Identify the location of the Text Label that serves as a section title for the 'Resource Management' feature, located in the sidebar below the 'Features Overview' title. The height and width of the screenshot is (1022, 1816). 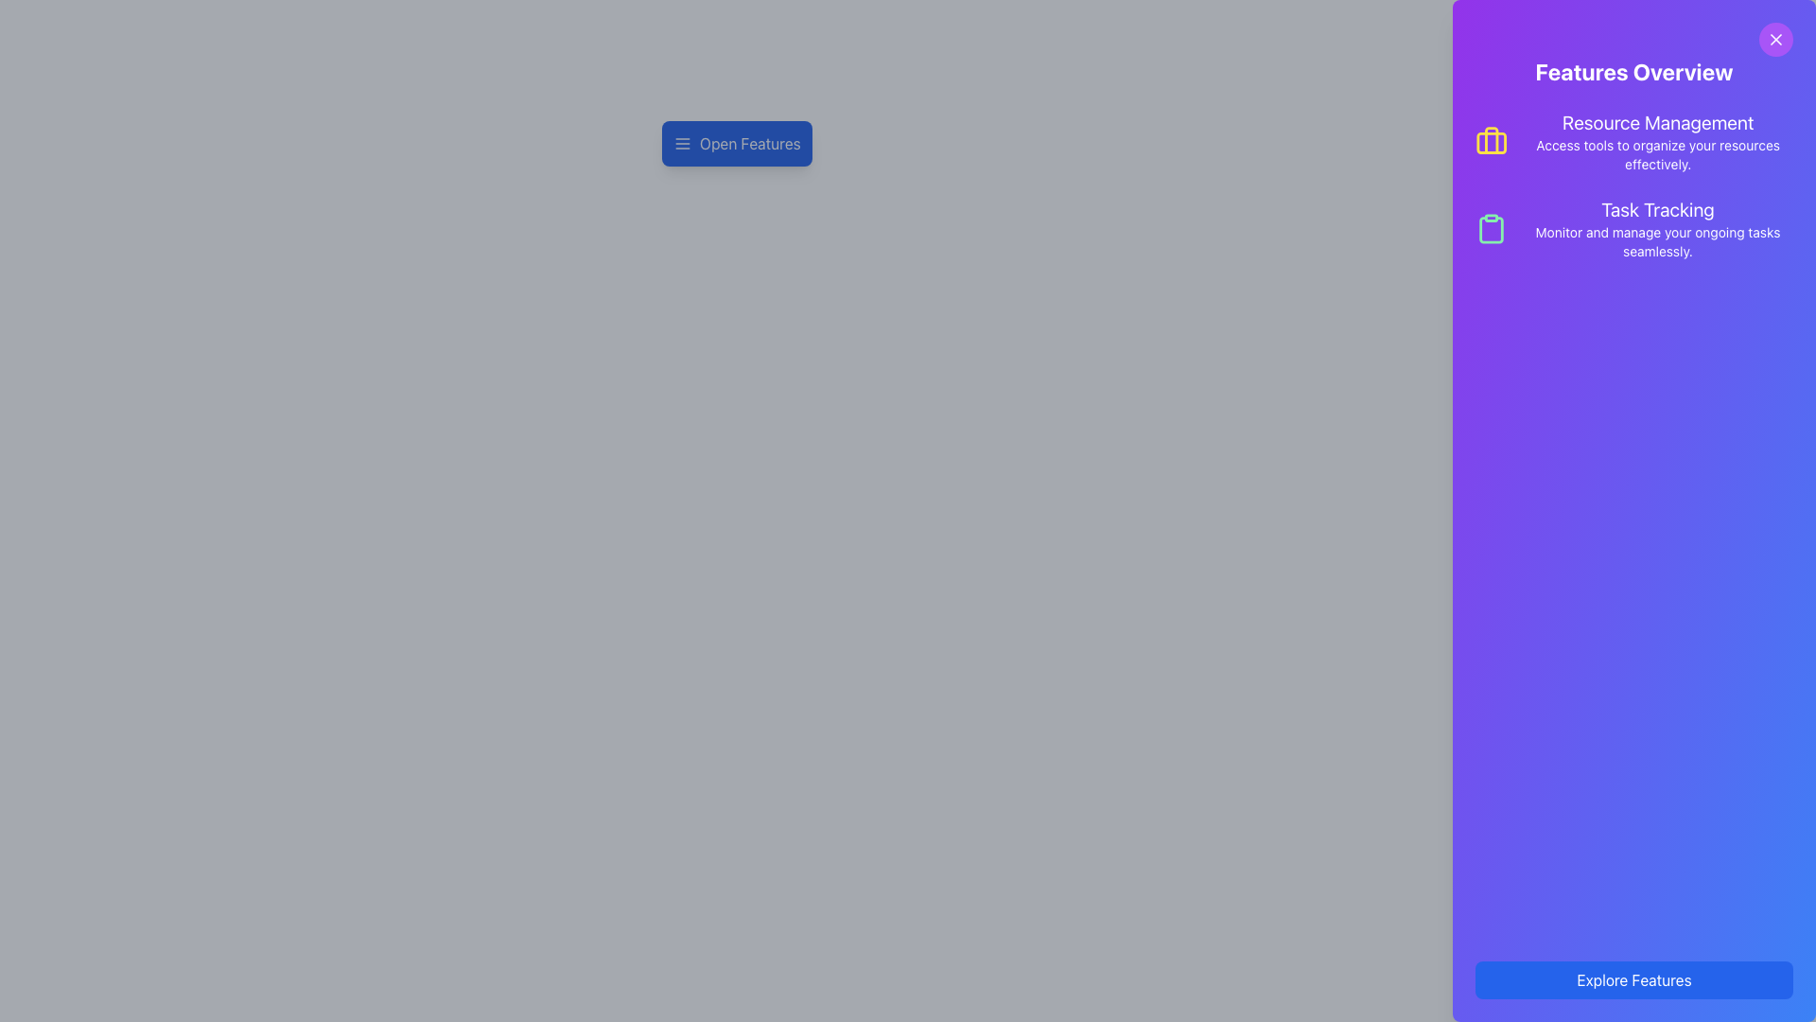
(1657, 123).